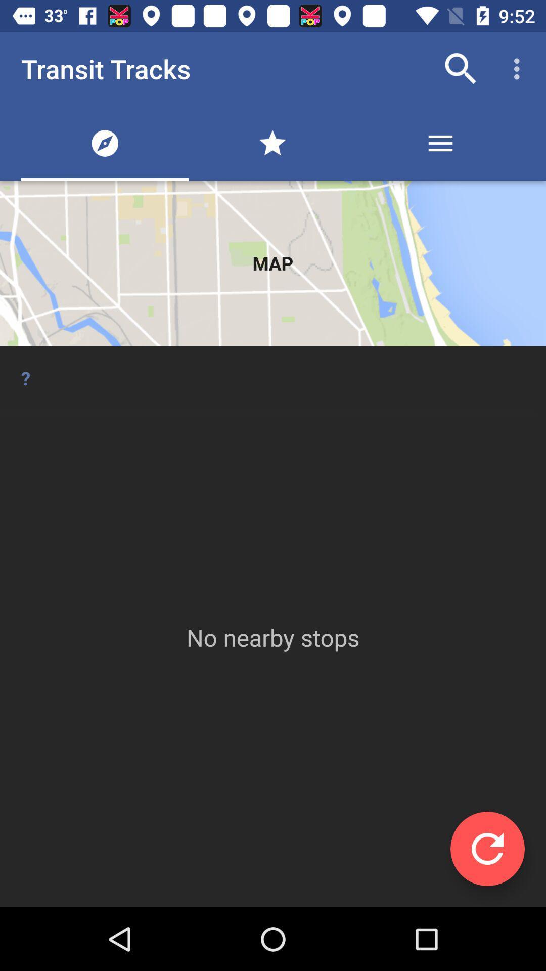 The width and height of the screenshot is (546, 971). I want to click on refresh page, so click(487, 849).